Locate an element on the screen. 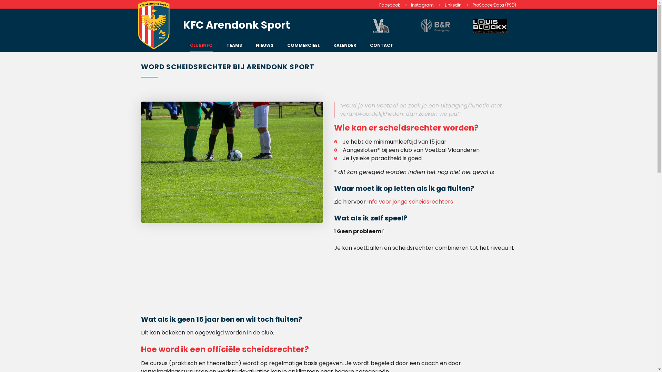 This screenshot has width=662, height=372. 'Info voor jonge scheidsrechters' is located at coordinates (410, 201).